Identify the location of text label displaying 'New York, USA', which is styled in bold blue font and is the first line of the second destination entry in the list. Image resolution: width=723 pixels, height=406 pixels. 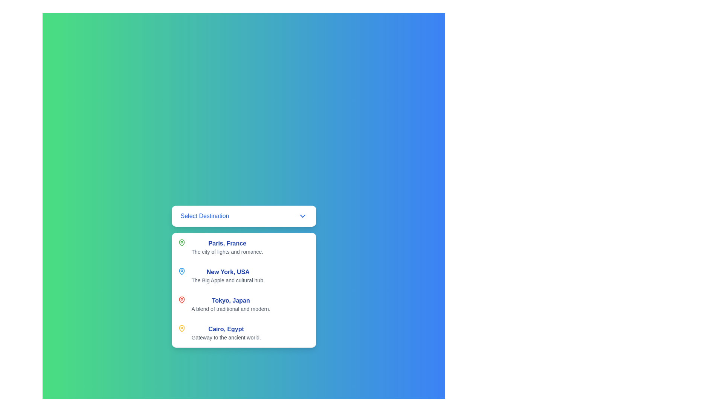
(227, 272).